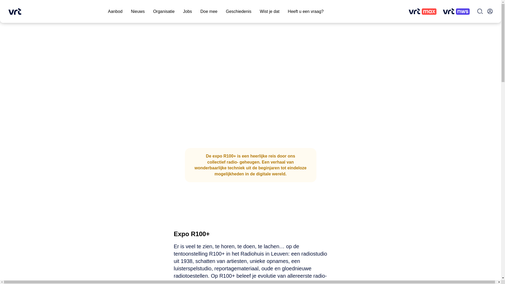 The image size is (505, 284). Describe the element at coordinates (164, 11) in the screenshot. I see `'Organisatie'` at that location.